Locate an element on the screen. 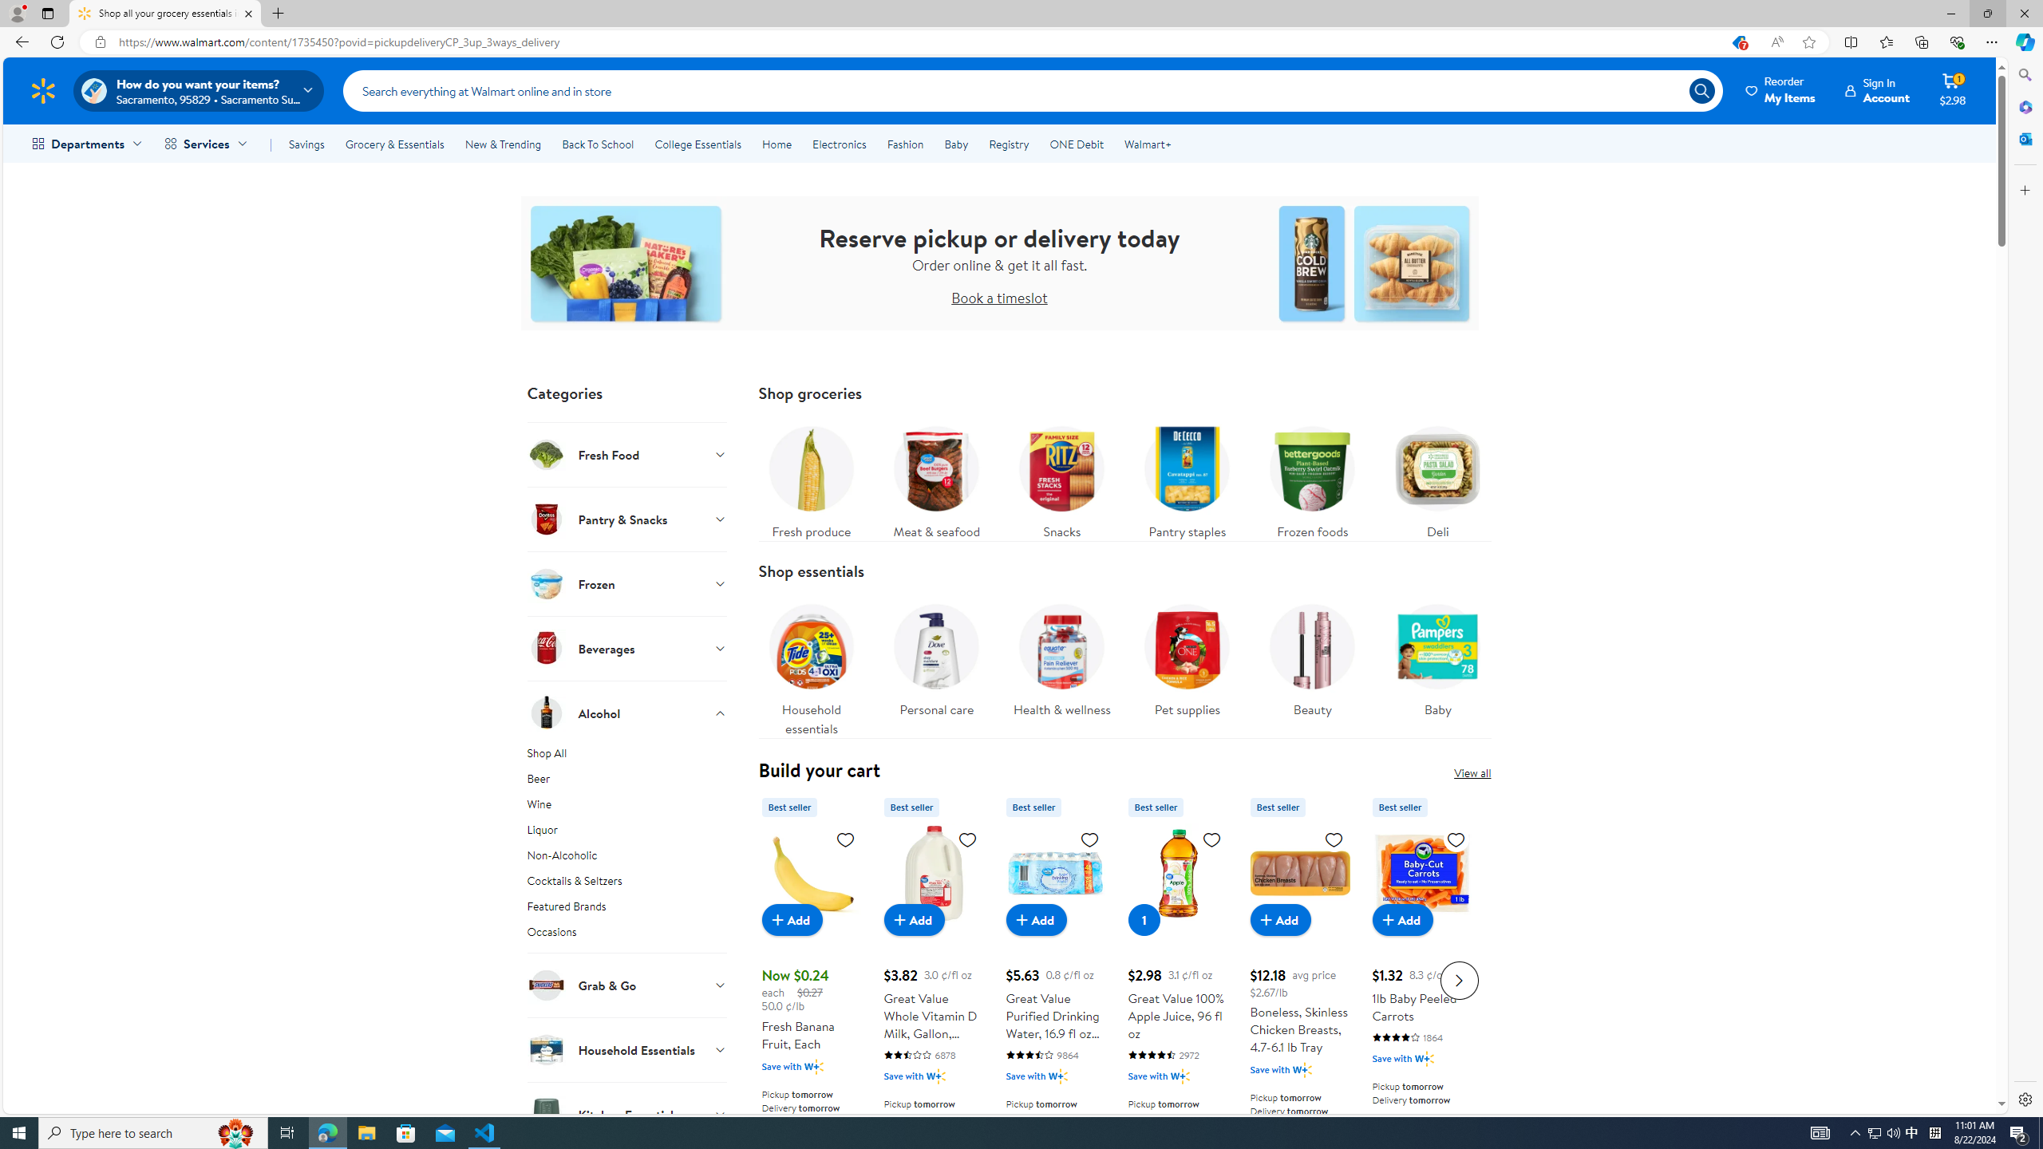 The image size is (2043, 1149). 'Registry' is located at coordinates (1008, 144).